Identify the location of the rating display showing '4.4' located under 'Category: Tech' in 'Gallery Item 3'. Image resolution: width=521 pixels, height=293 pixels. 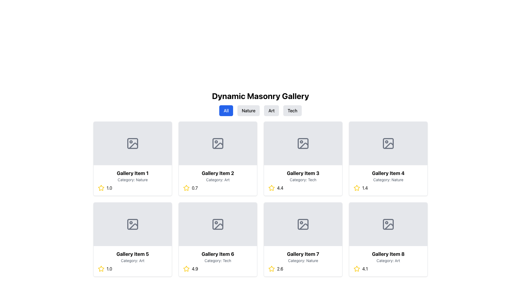
(303, 188).